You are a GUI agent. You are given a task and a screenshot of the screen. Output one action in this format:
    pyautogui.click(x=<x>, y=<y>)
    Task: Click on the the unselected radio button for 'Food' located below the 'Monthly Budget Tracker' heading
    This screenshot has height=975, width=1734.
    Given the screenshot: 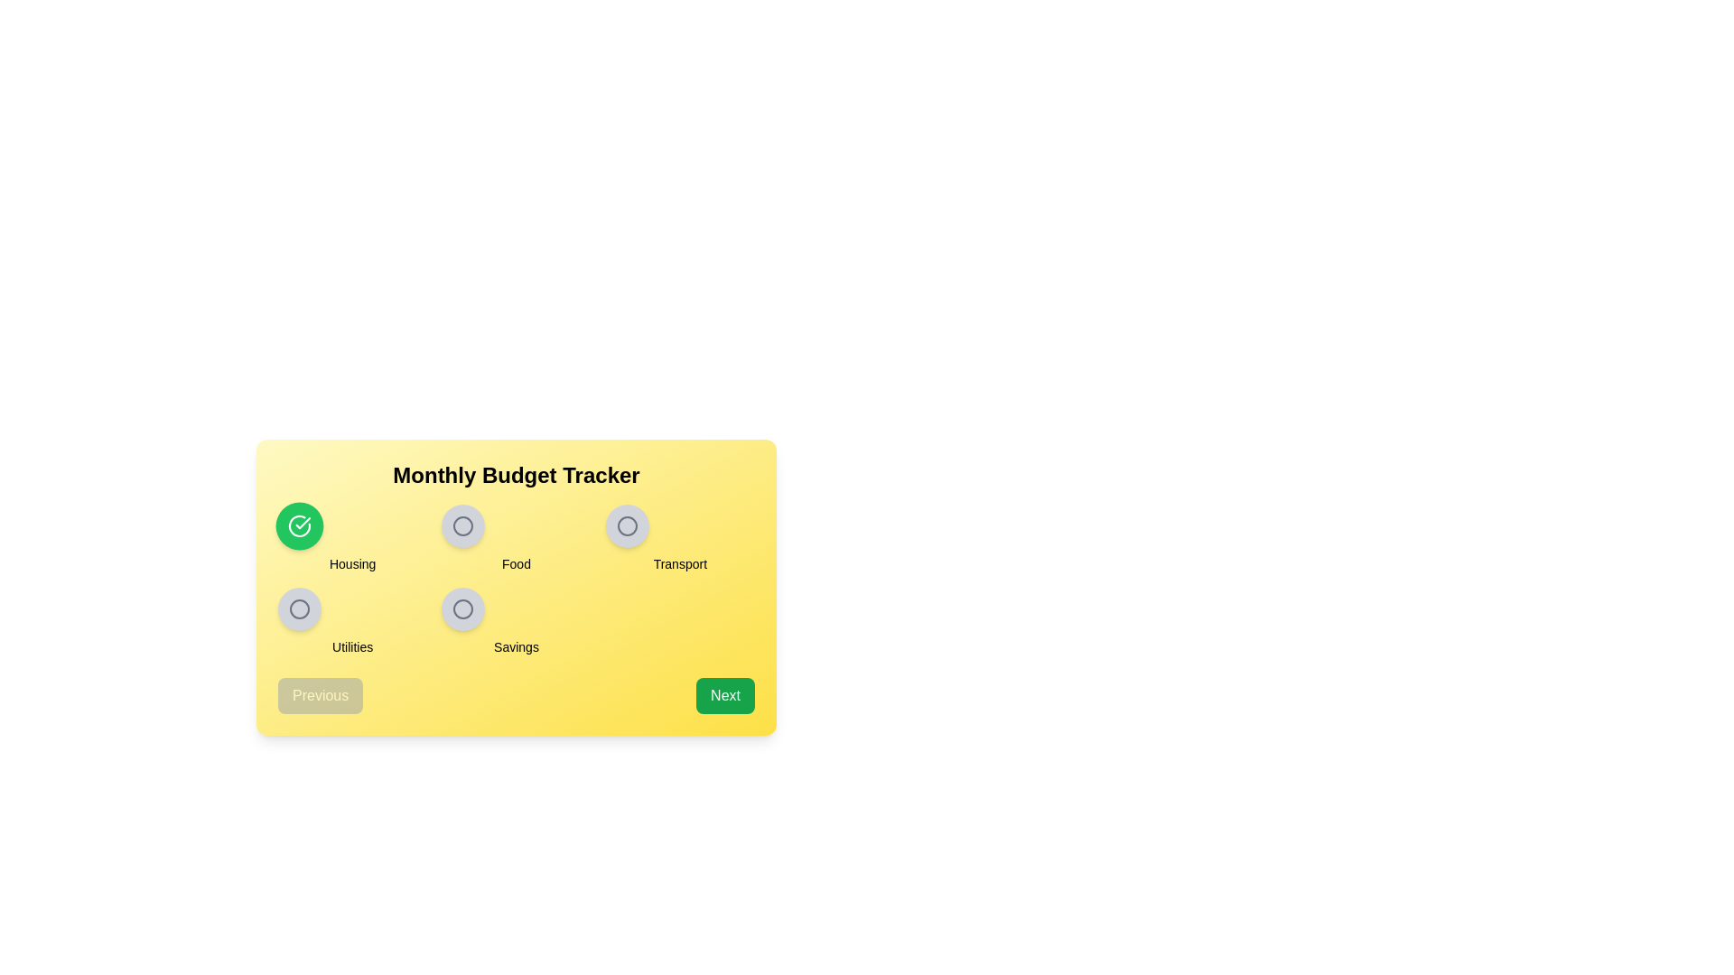 What is the action you would take?
    pyautogui.click(x=463, y=525)
    